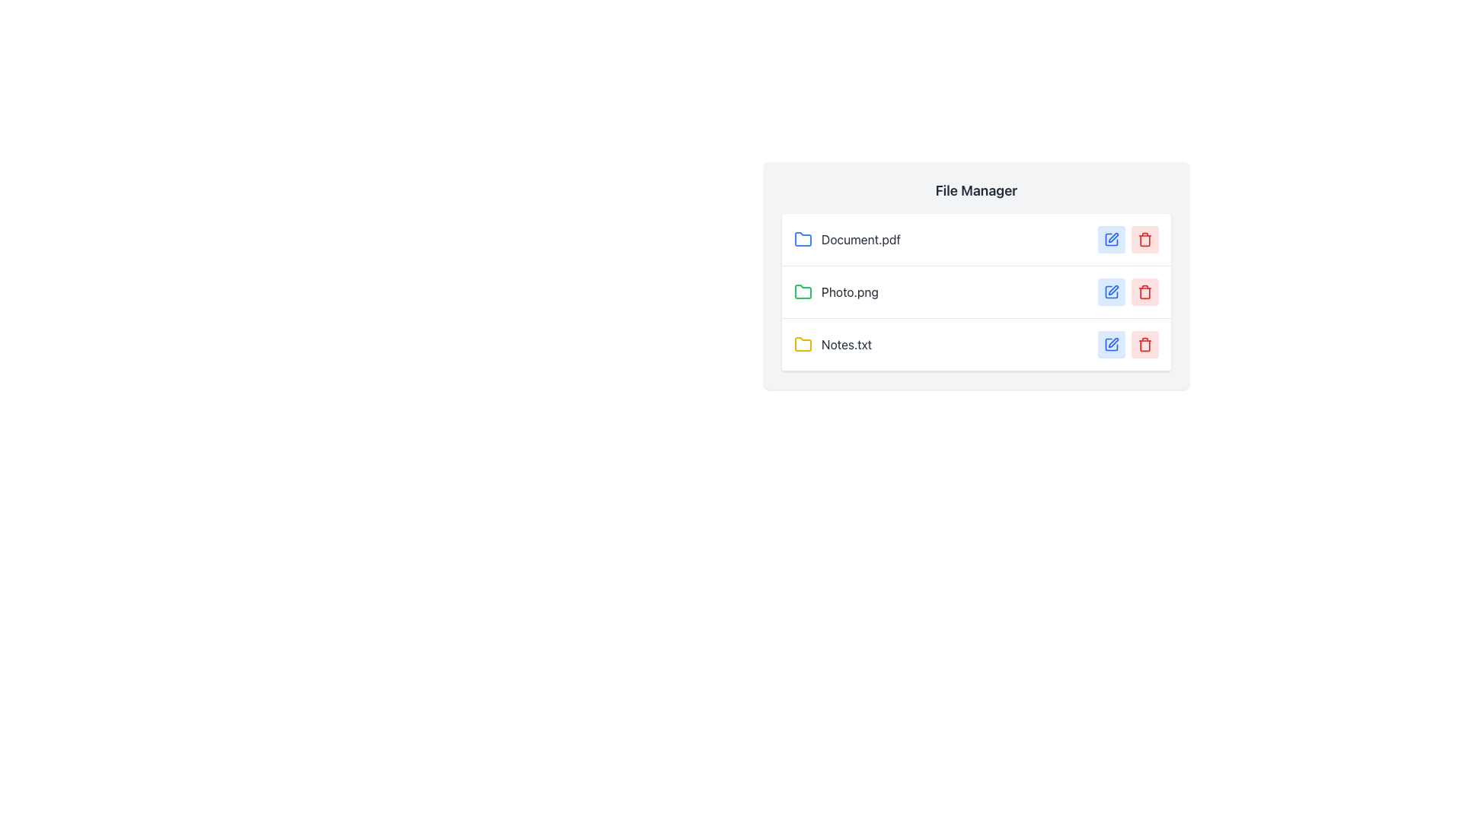 This screenshot has height=822, width=1462. Describe the element at coordinates (1144, 292) in the screenshot. I see `the delete button for the 'Photo.png' file entry, located in the rightmost column of the file manager interface` at that location.